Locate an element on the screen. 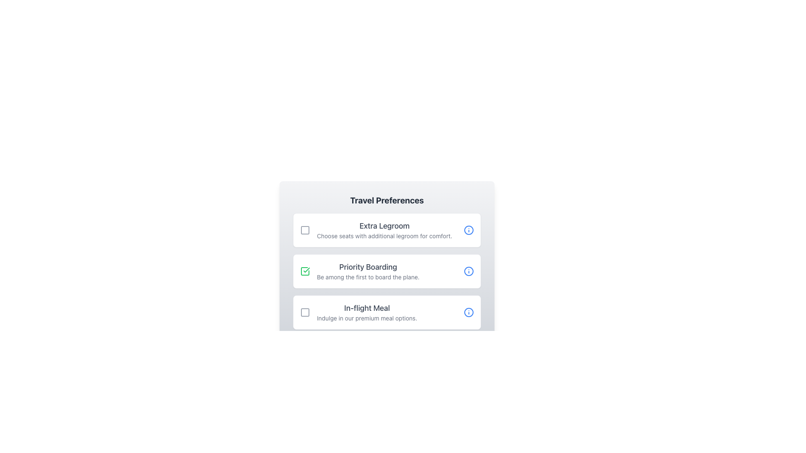  the checkbox in the 'In-flight Meal' option, which is part of a rectangular interactive element containing a title and an information icon, located at the bottom of the options list is located at coordinates (386, 312).